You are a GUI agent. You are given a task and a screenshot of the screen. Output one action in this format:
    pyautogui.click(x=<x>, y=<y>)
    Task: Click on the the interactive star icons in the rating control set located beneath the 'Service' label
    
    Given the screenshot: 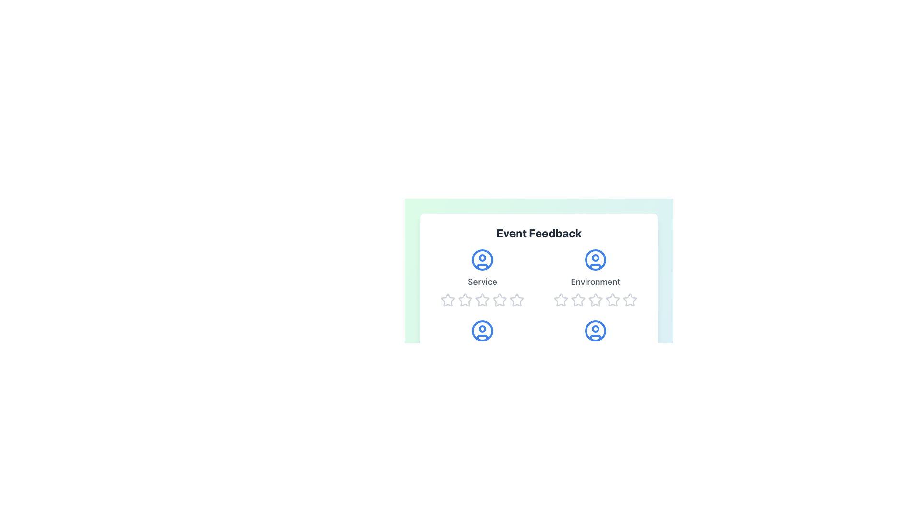 What is the action you would take?
    pyautogui.click(x=483, y=299)
    